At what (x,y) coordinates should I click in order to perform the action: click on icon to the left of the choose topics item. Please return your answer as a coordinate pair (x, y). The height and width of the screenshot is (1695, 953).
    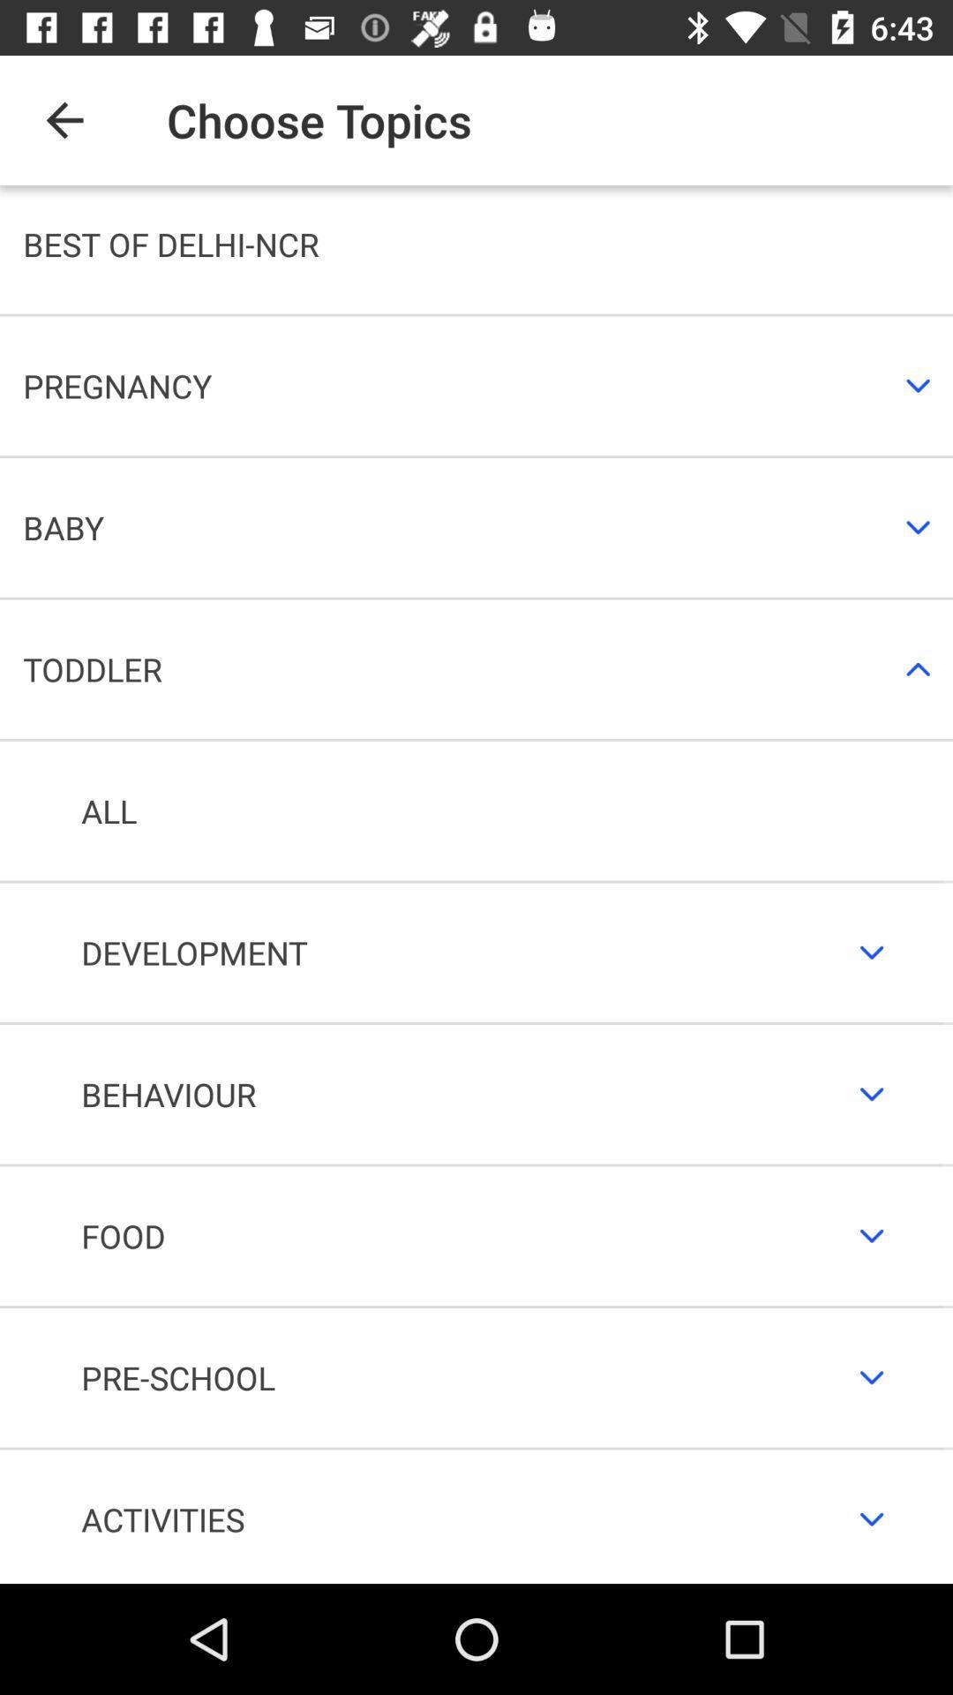
    Looking at the image, I should click on (64, 119).